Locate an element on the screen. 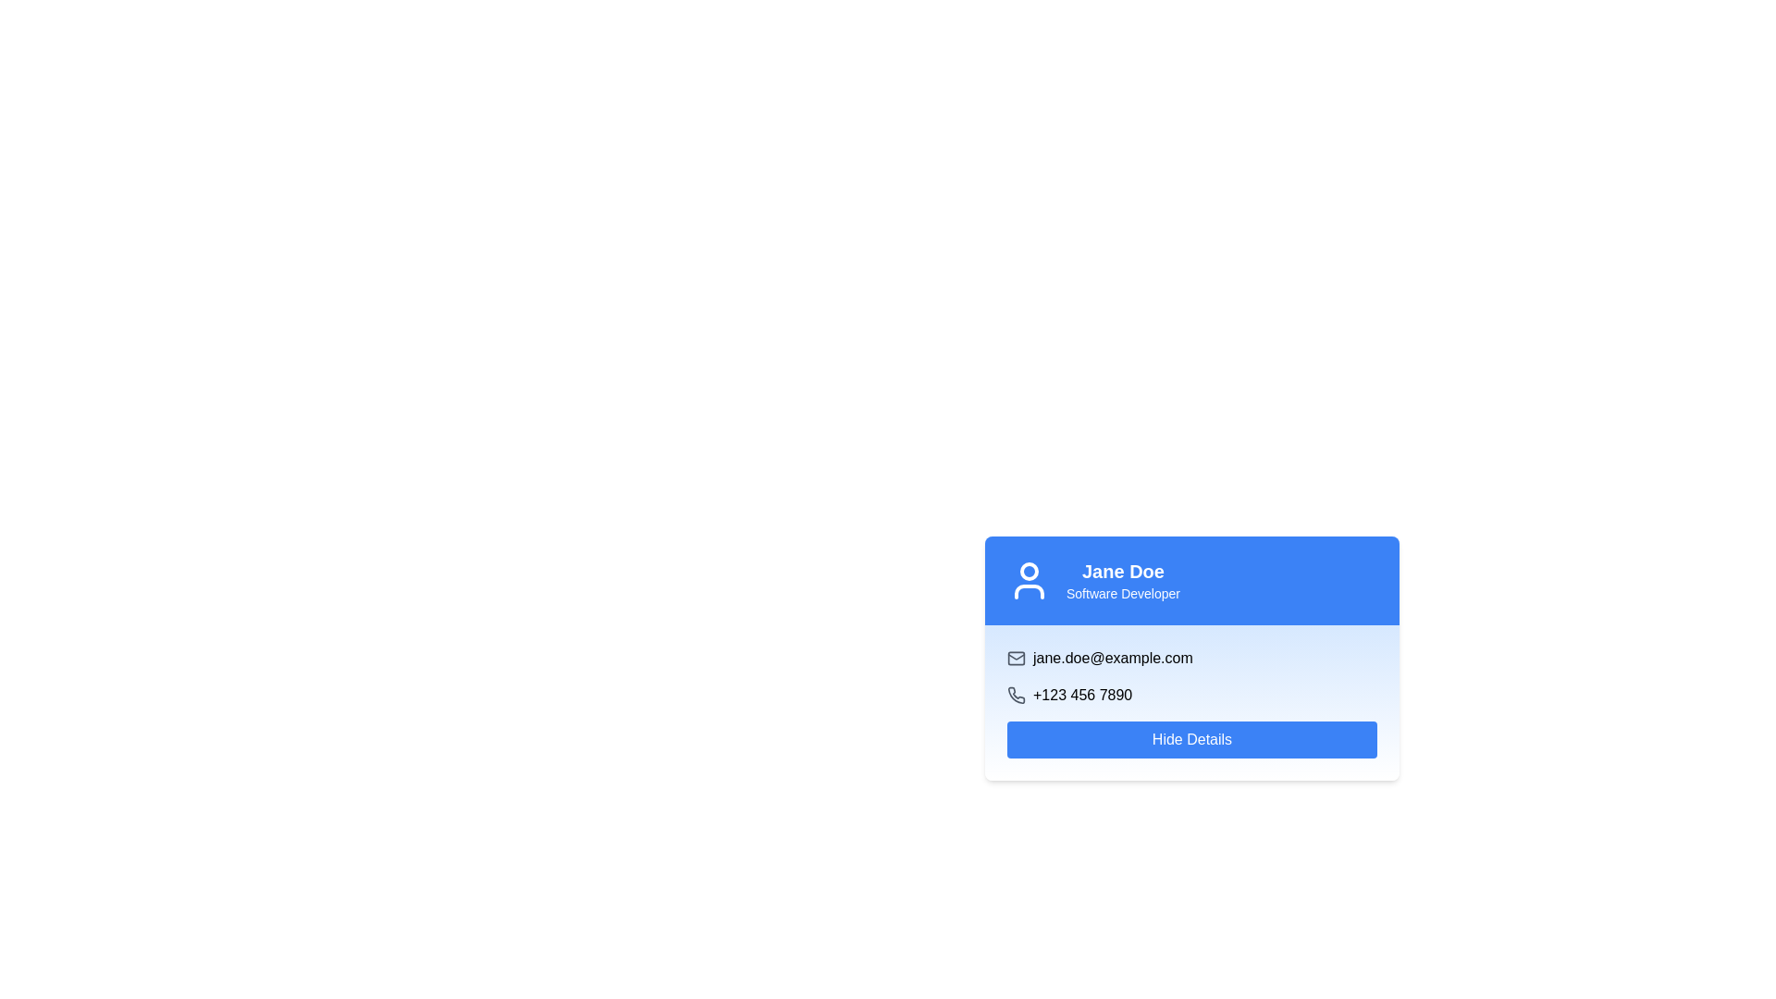 This screenshot has width=1776, height=999. the text label displaying 'jane.doe@example.com' located below the title 'Jane Doe' in the card layout is located at coordinates (1112, 658).